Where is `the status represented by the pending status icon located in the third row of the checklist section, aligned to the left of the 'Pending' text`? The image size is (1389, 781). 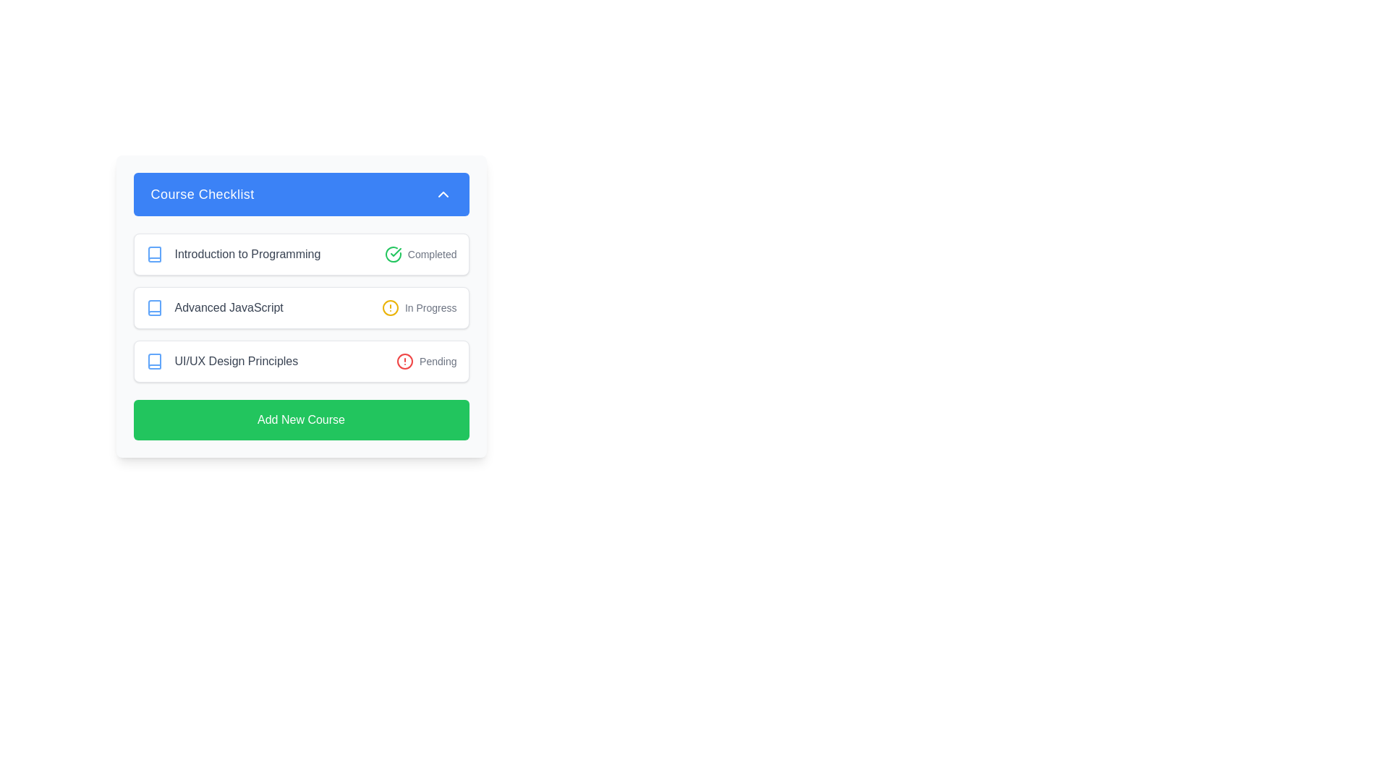 the status represented by the pending status icon located in the third row of the checklist section, aligned to the left of the 'Pending' text is located at coordinates (405, 361).